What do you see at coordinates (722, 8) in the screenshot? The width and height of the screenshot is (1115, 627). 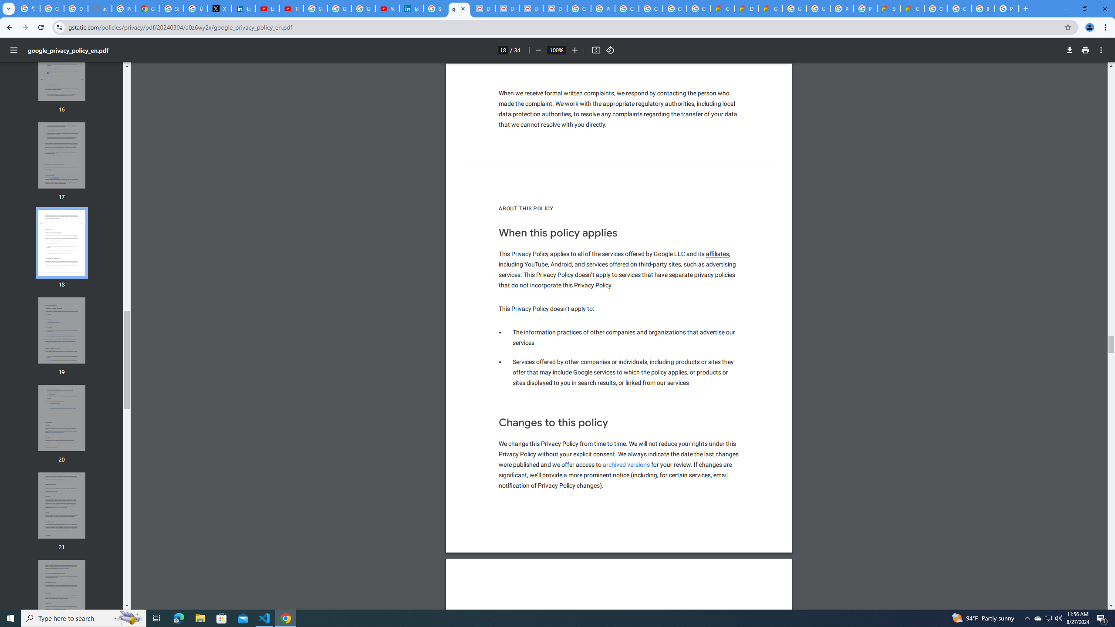 I see `'Customer Care | Google Cloud'` at bounding box center [722, 8].